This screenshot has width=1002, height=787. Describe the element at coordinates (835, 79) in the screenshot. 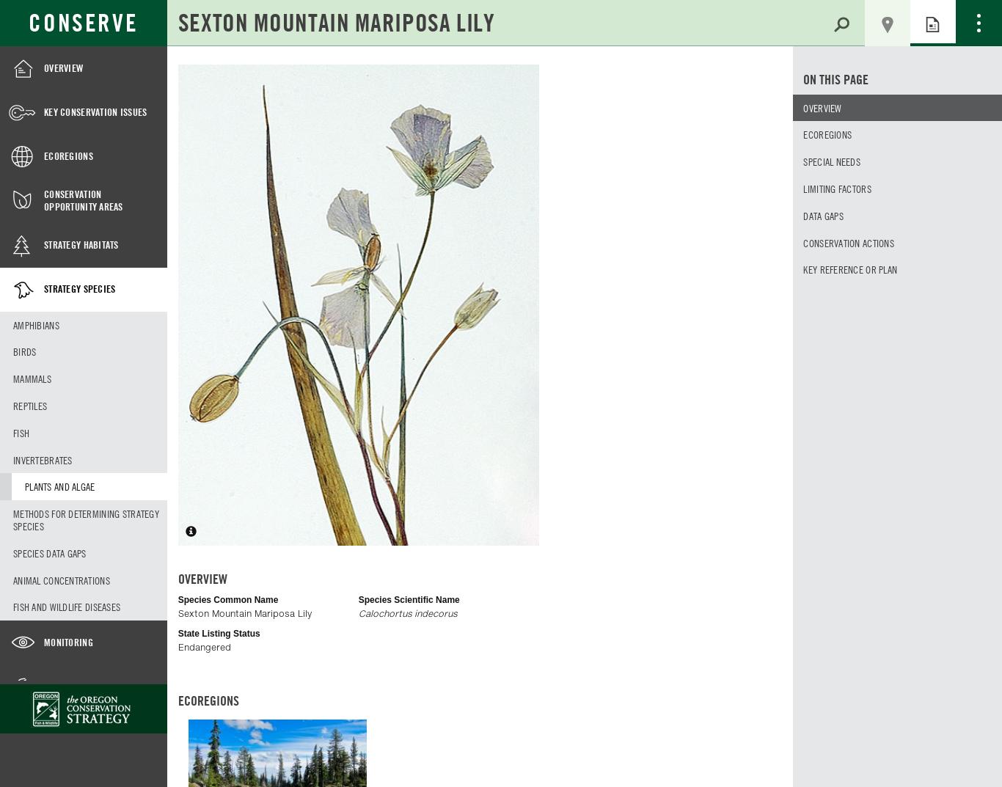

I see `'On This Page'` at that location.